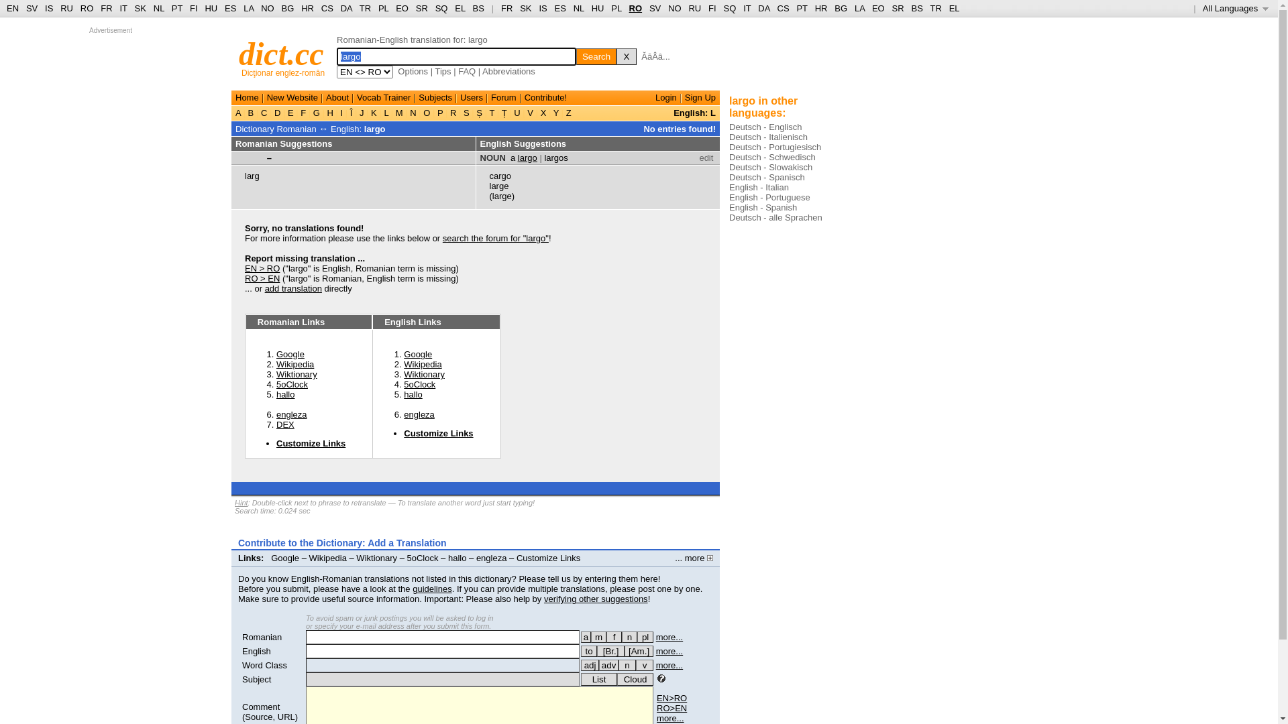 Image resolution: width=1288 pixels, height=724 pixels. I want to click on 'LA', so click(244, 8).